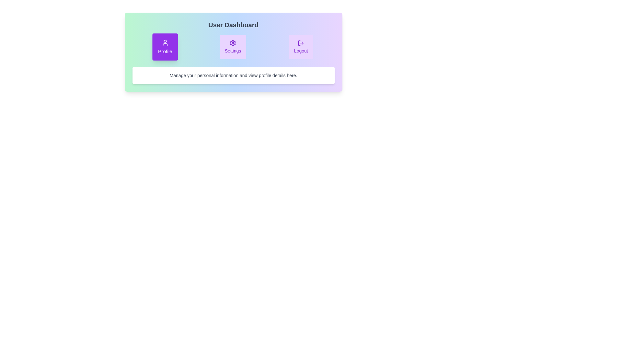 The height and width of the screenshot is (350, 622). I want to click on the 'Settings' tab to activate it, so click(233, 47).